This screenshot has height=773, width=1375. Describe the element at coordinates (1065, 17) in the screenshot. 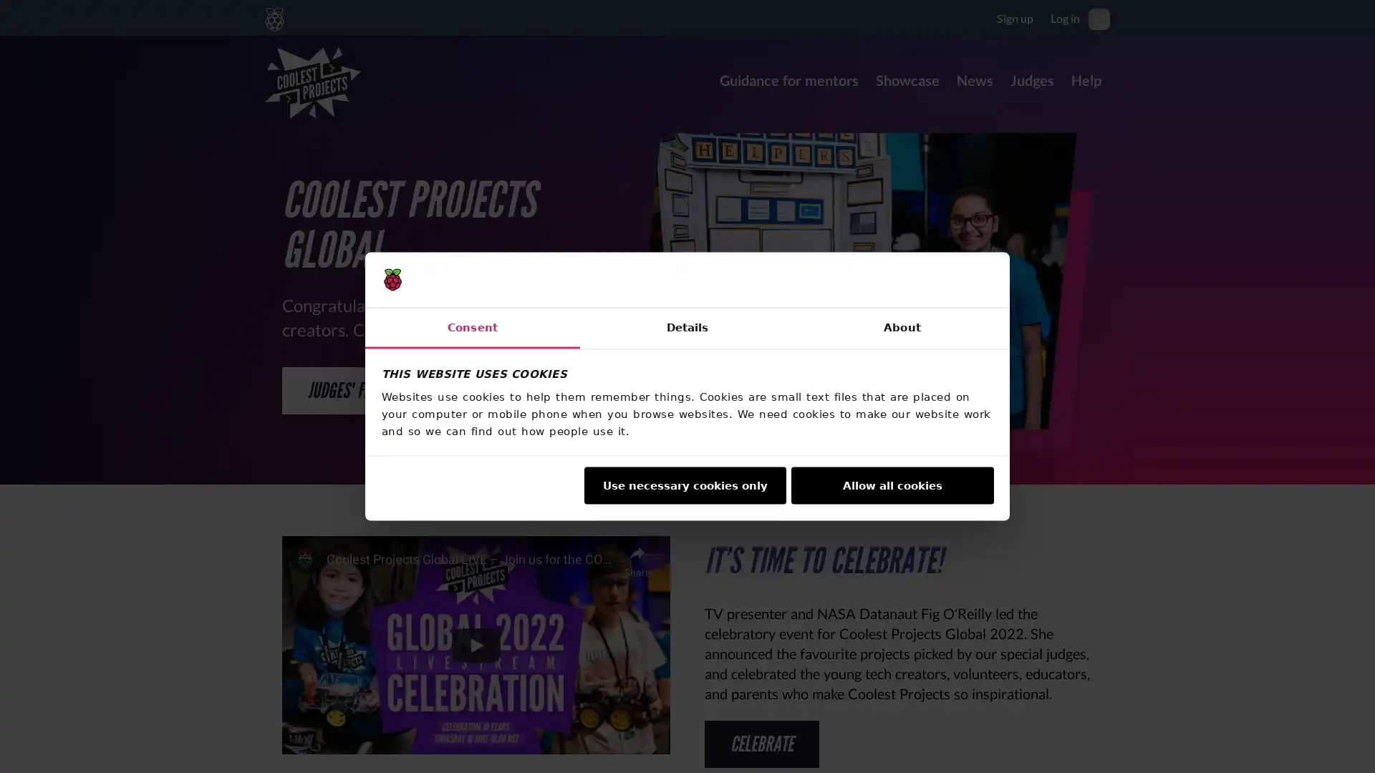

I see `Log in` at that location.